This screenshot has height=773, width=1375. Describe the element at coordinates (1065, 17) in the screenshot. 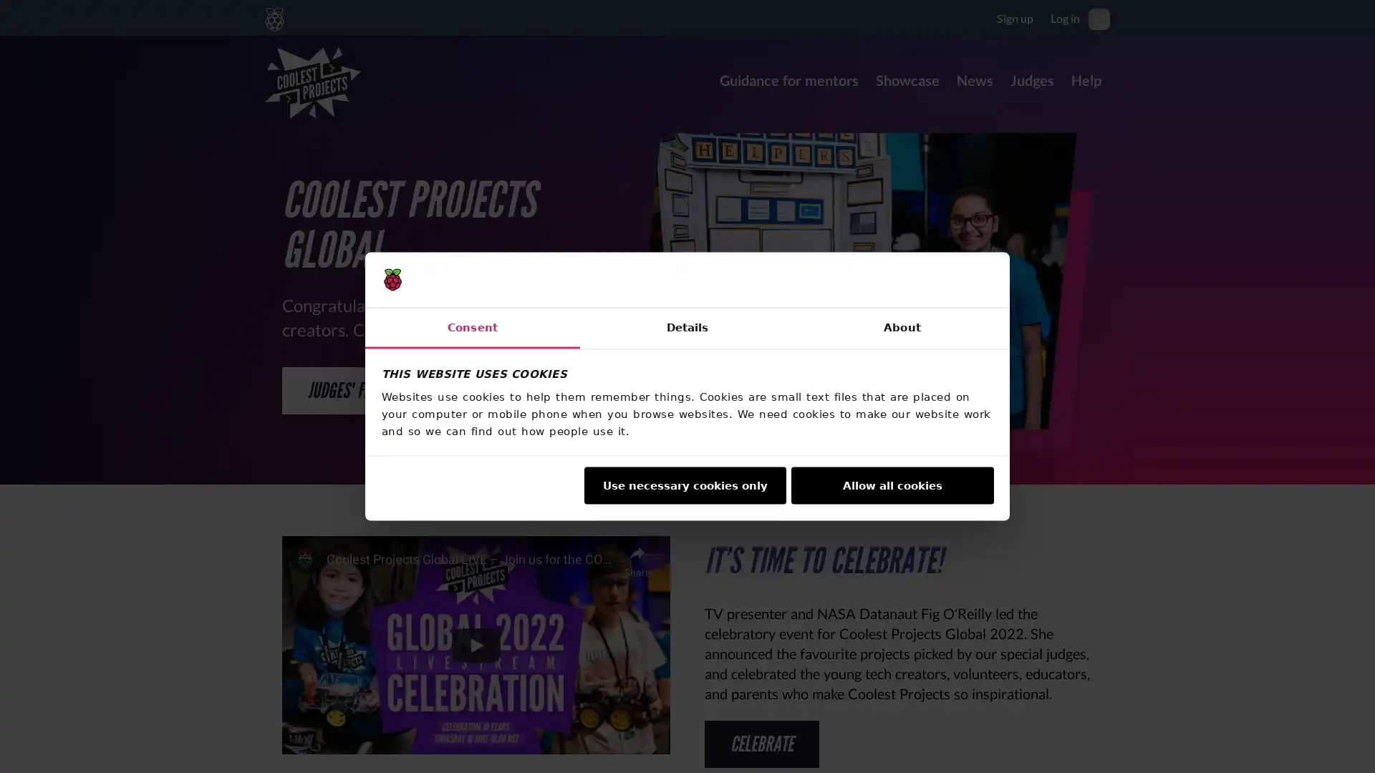

I see `Log in` at that location.